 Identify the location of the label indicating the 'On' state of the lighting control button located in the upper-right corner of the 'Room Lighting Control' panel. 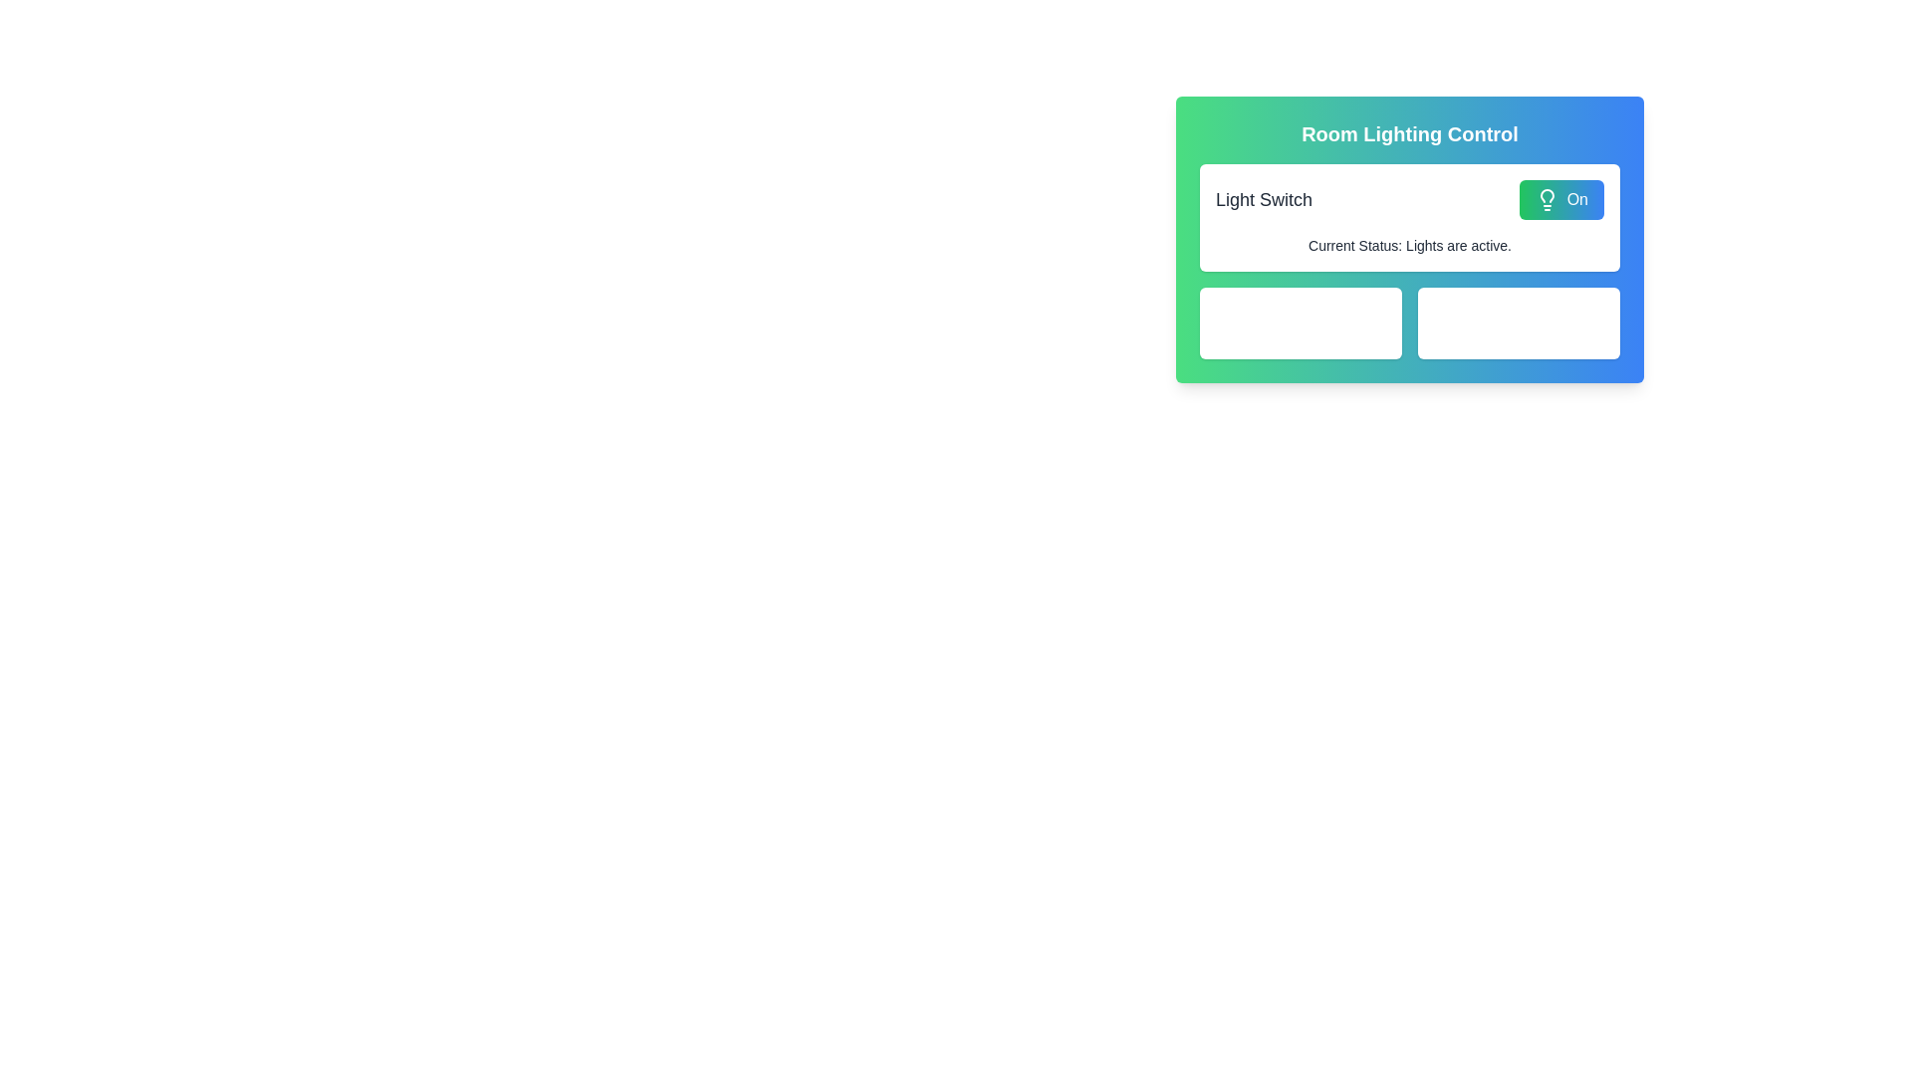
(1576, 199).